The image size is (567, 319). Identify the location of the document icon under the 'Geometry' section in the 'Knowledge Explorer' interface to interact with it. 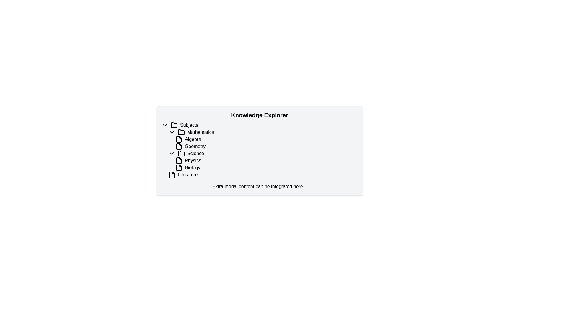
(178, 146).